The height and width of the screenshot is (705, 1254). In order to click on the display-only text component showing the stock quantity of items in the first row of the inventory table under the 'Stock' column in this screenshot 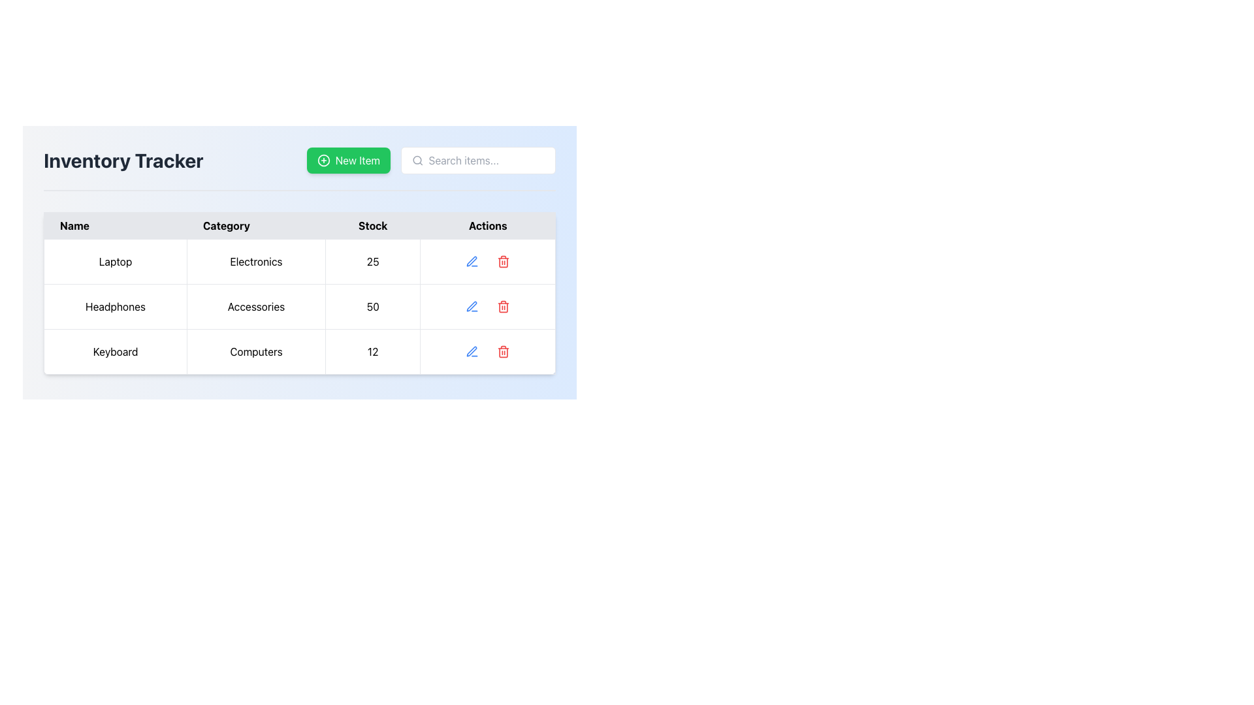, I will do `click(372, 262)`.